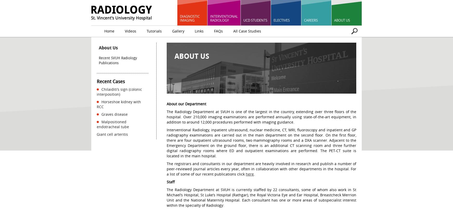 The image size is (453, 214). I want to click on 'About our Department', so click(186, 103).